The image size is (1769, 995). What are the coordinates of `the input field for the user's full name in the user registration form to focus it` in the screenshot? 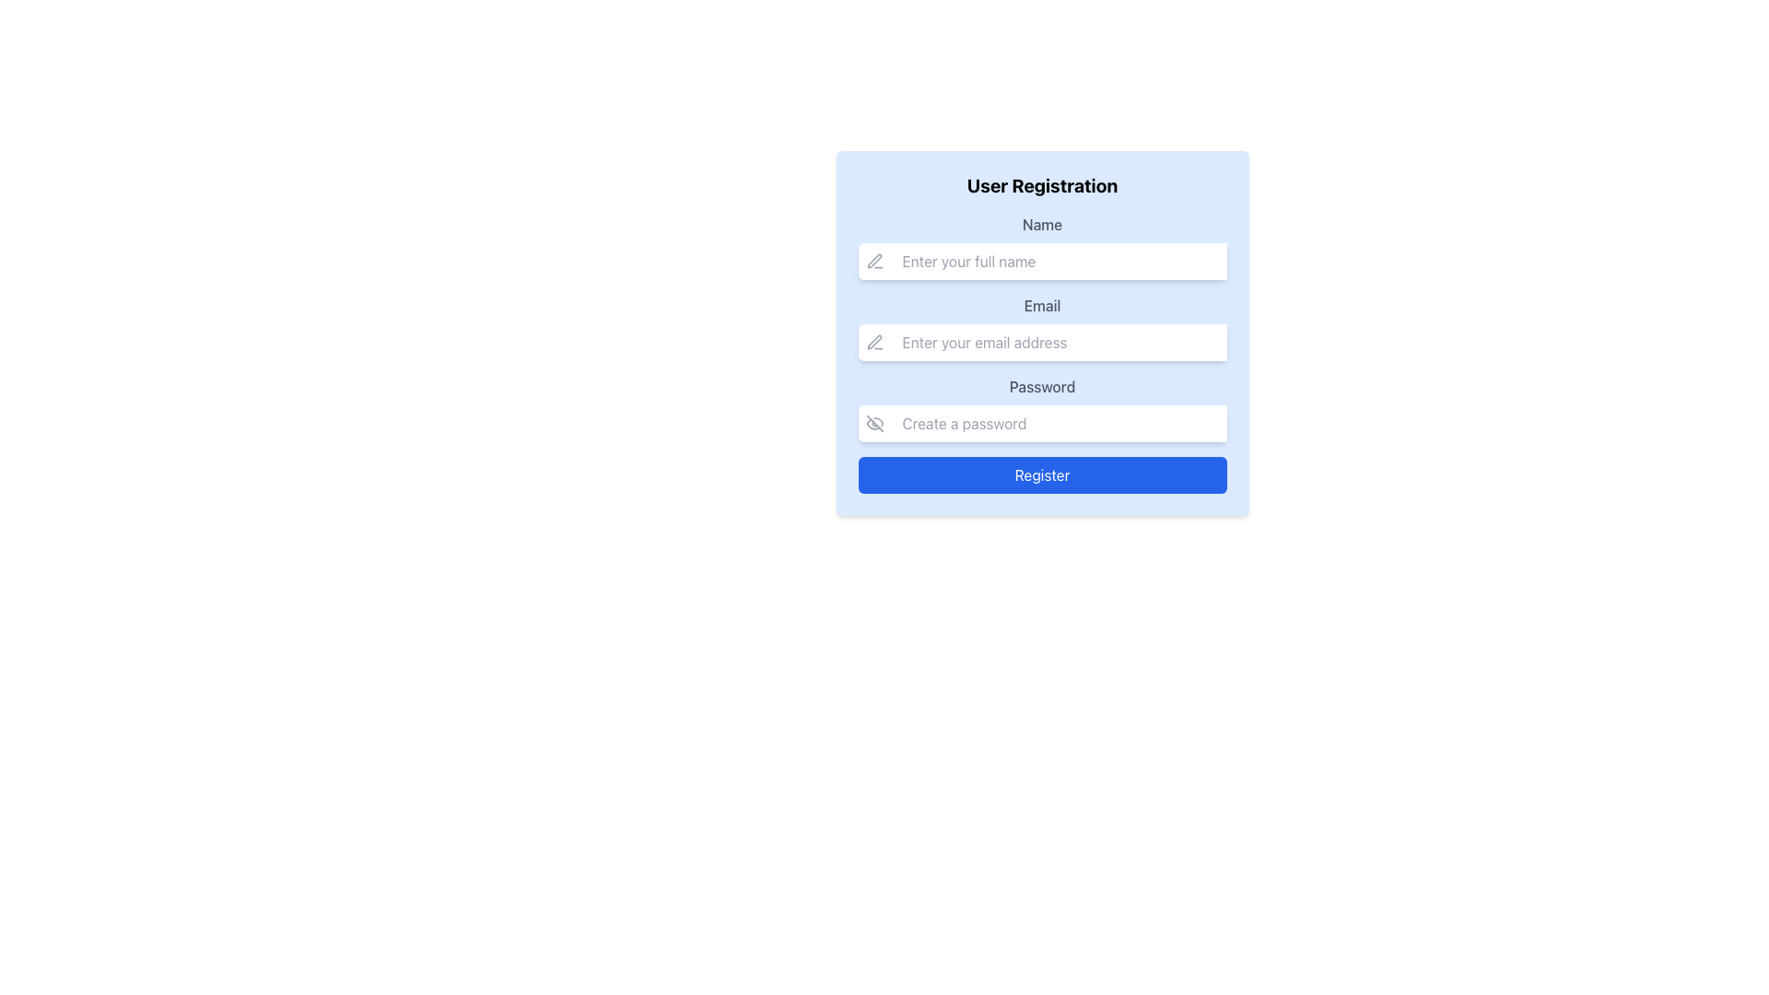 It's located at (1042, 245).